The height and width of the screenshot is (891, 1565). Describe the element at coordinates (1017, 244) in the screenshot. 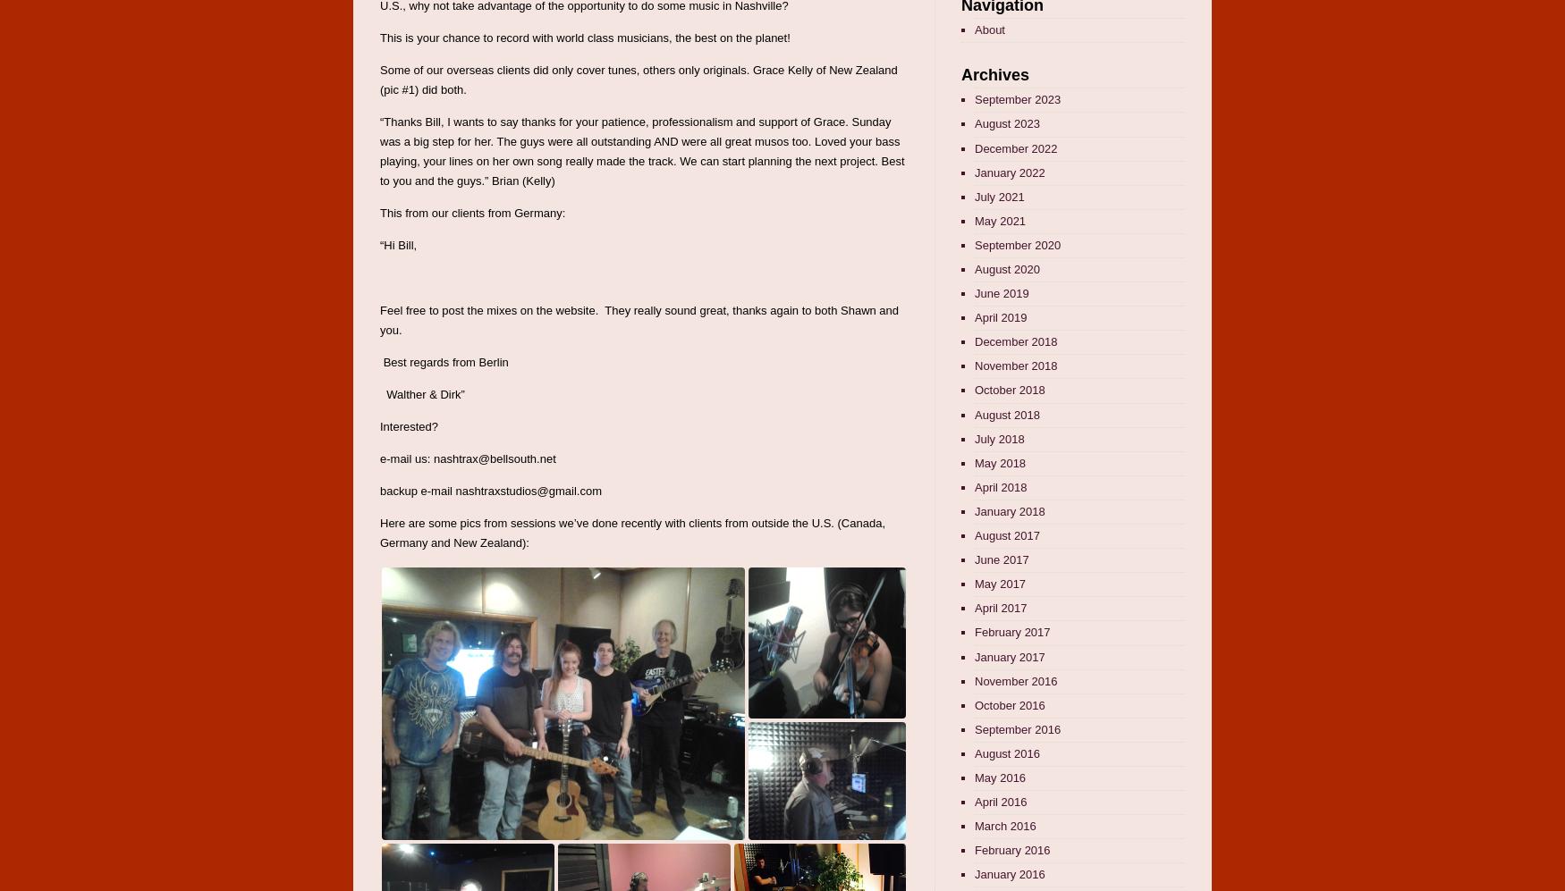

I see `'September 2020'` at that location.